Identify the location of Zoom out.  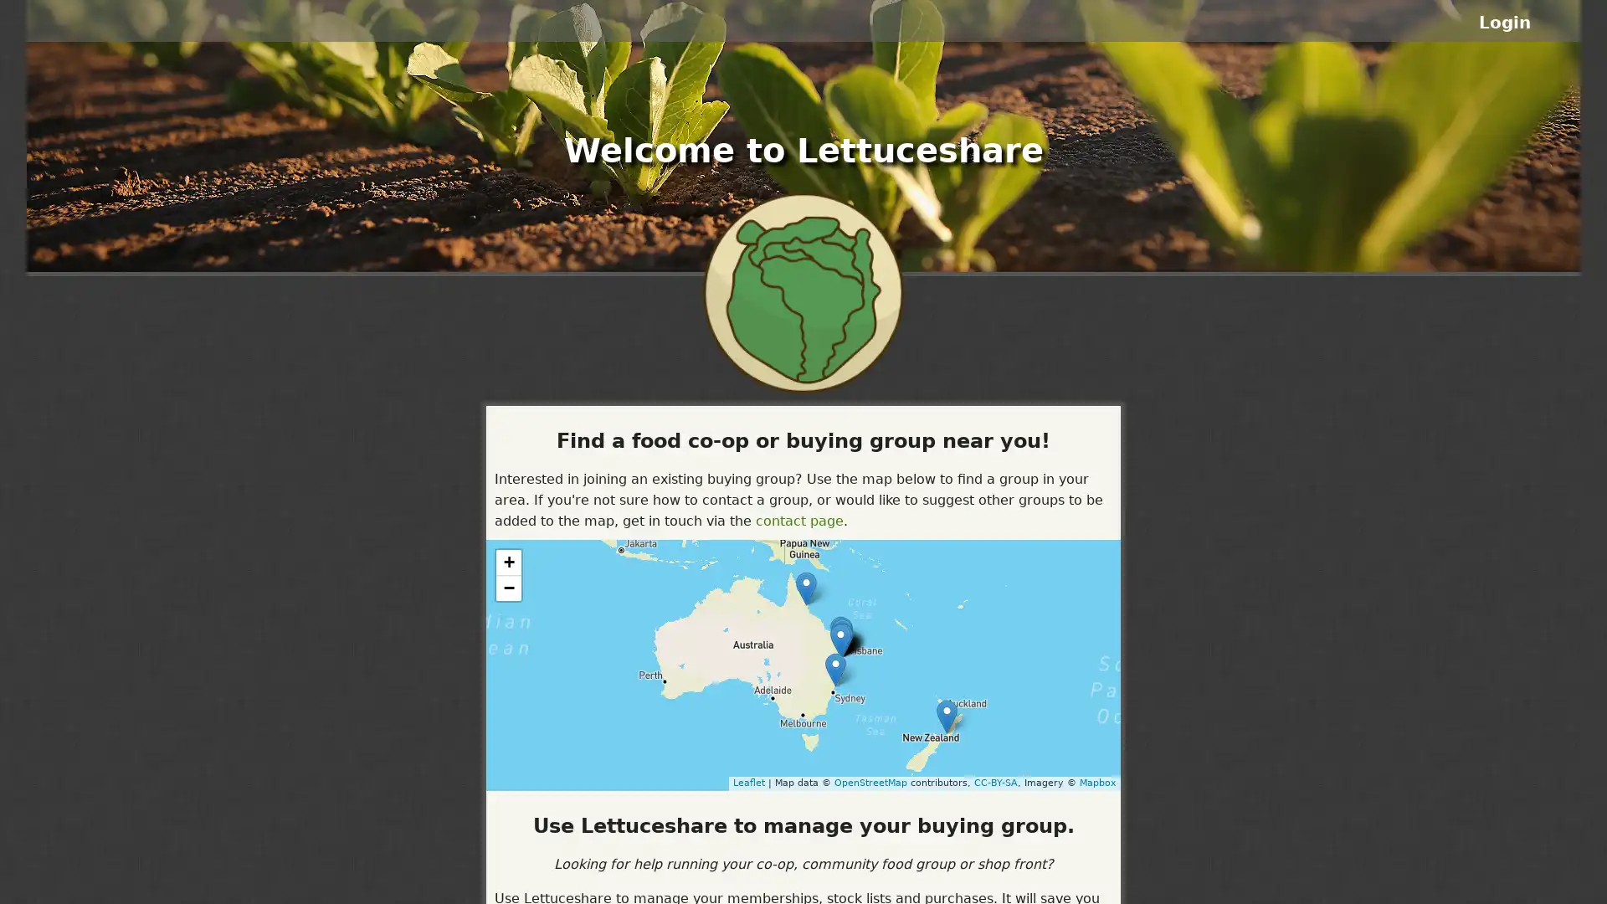
(508, 587).